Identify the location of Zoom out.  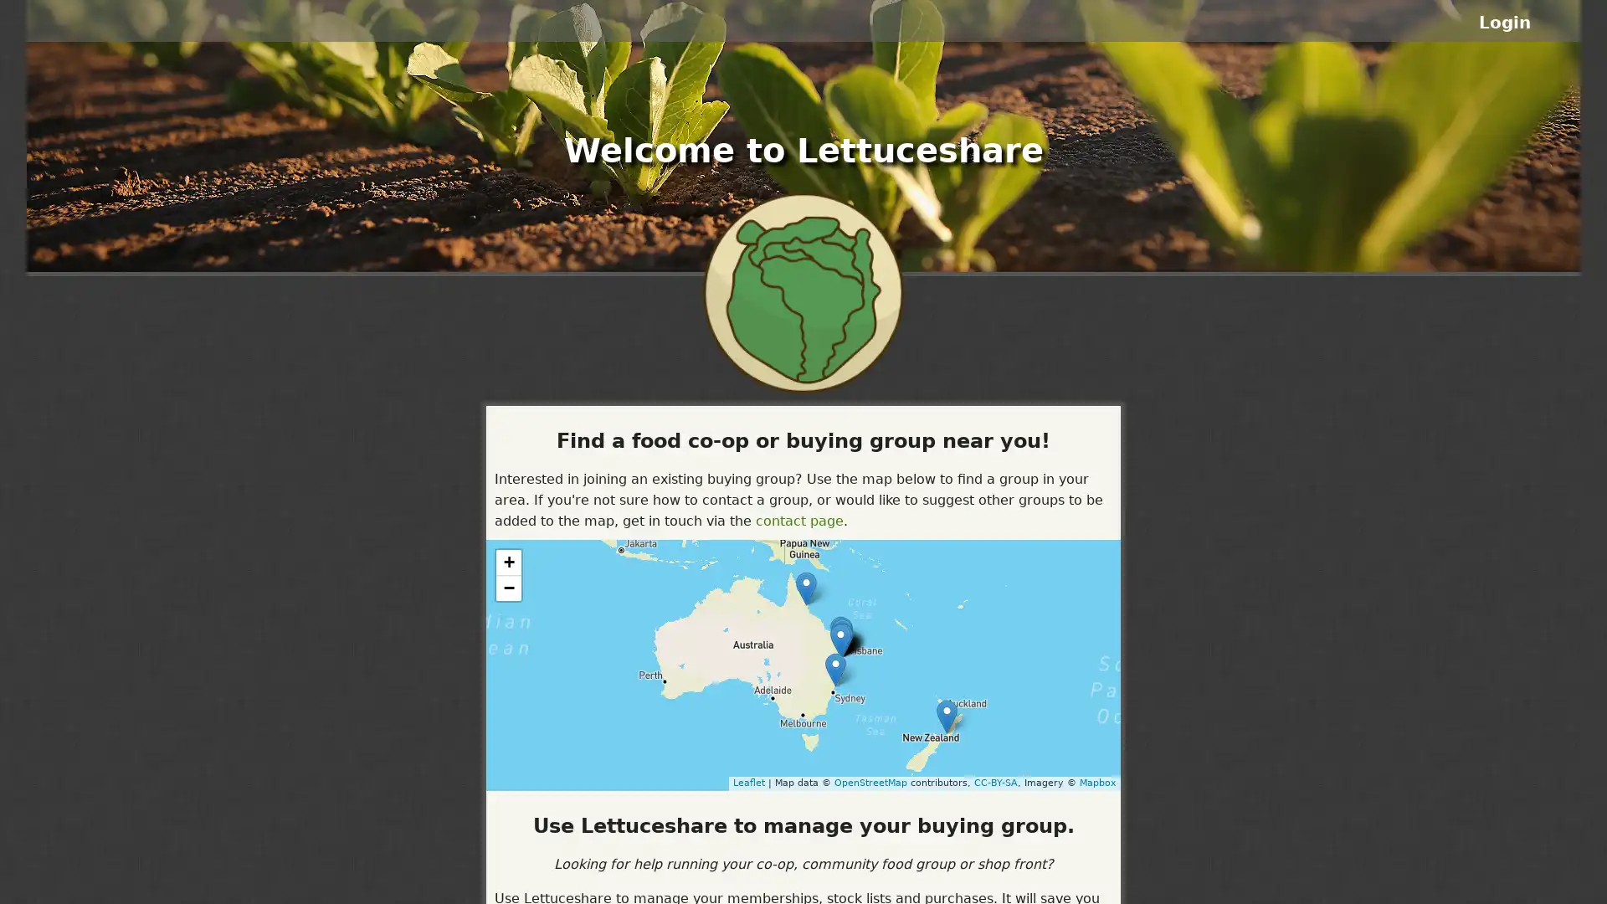
(508, 587).